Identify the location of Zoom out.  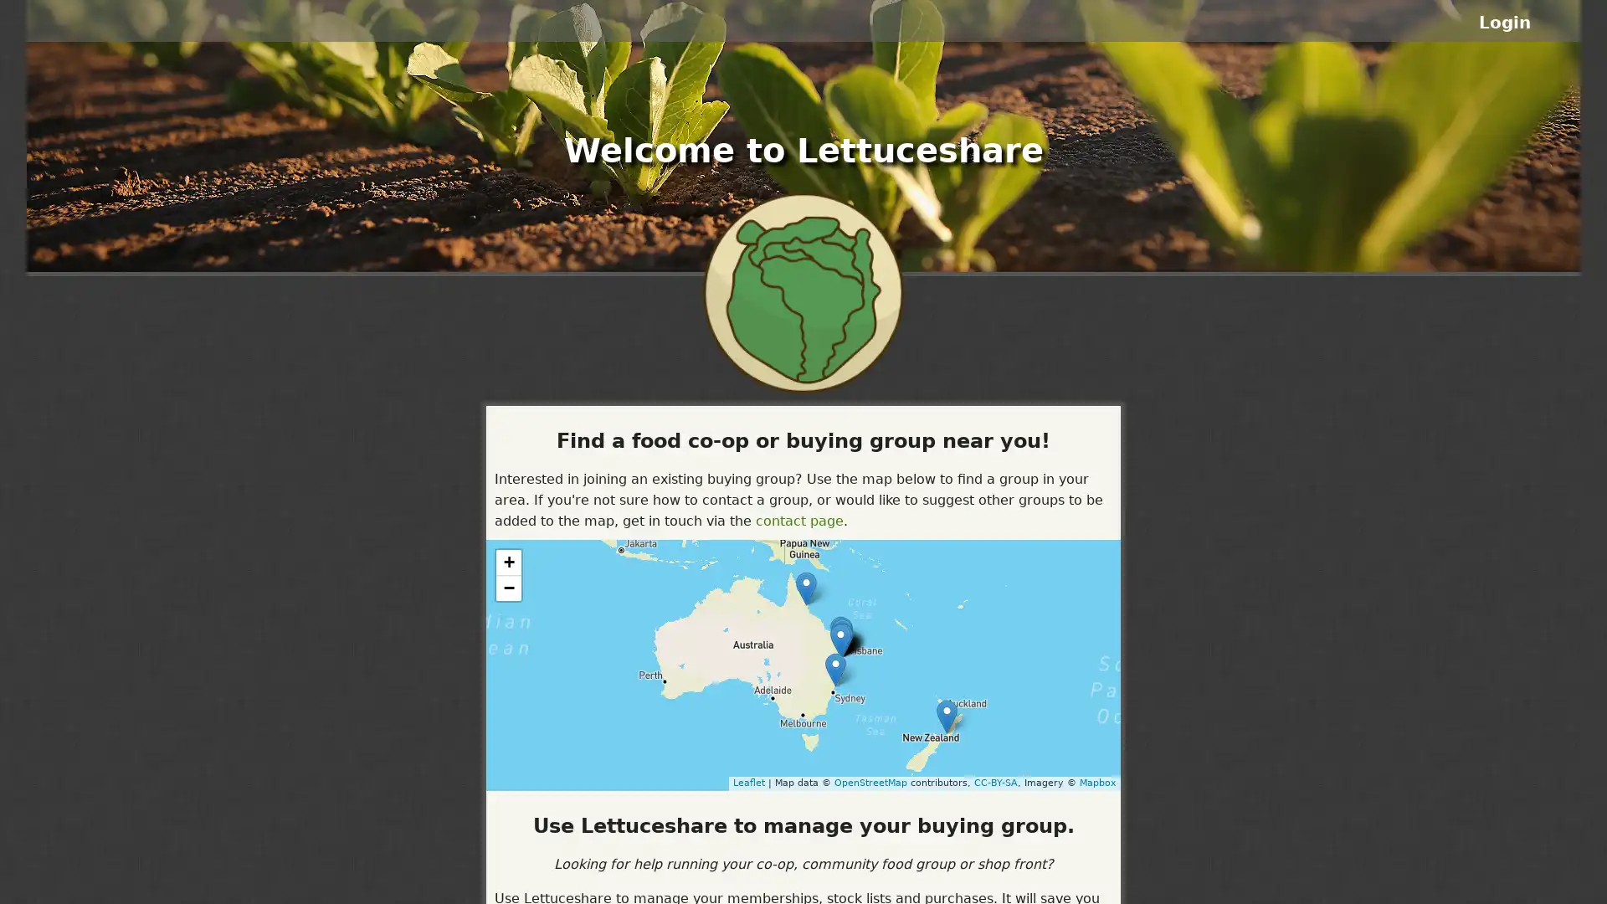
(508, 587).